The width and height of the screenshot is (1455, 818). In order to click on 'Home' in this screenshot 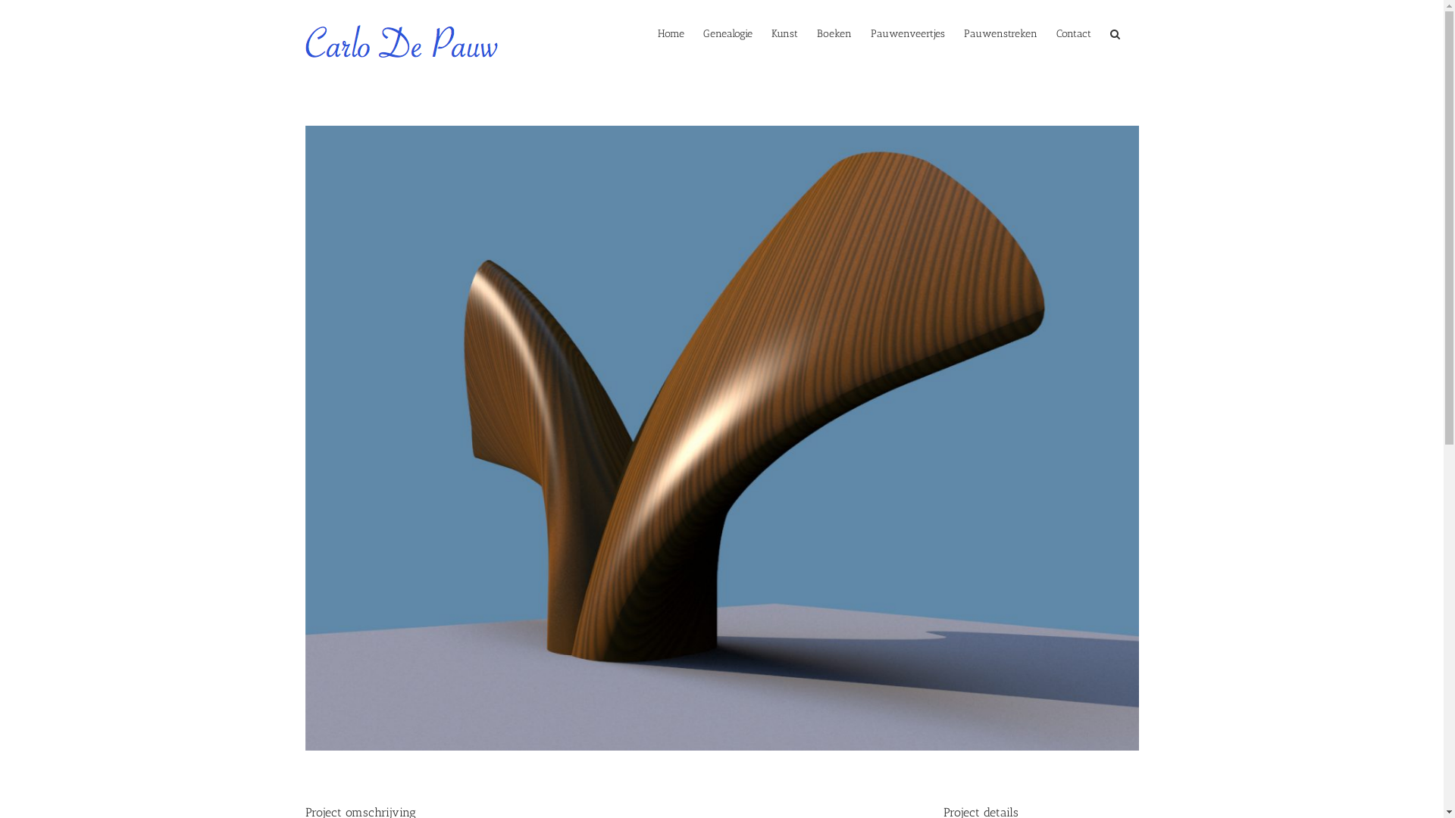, I will do `click(670, 32)`.